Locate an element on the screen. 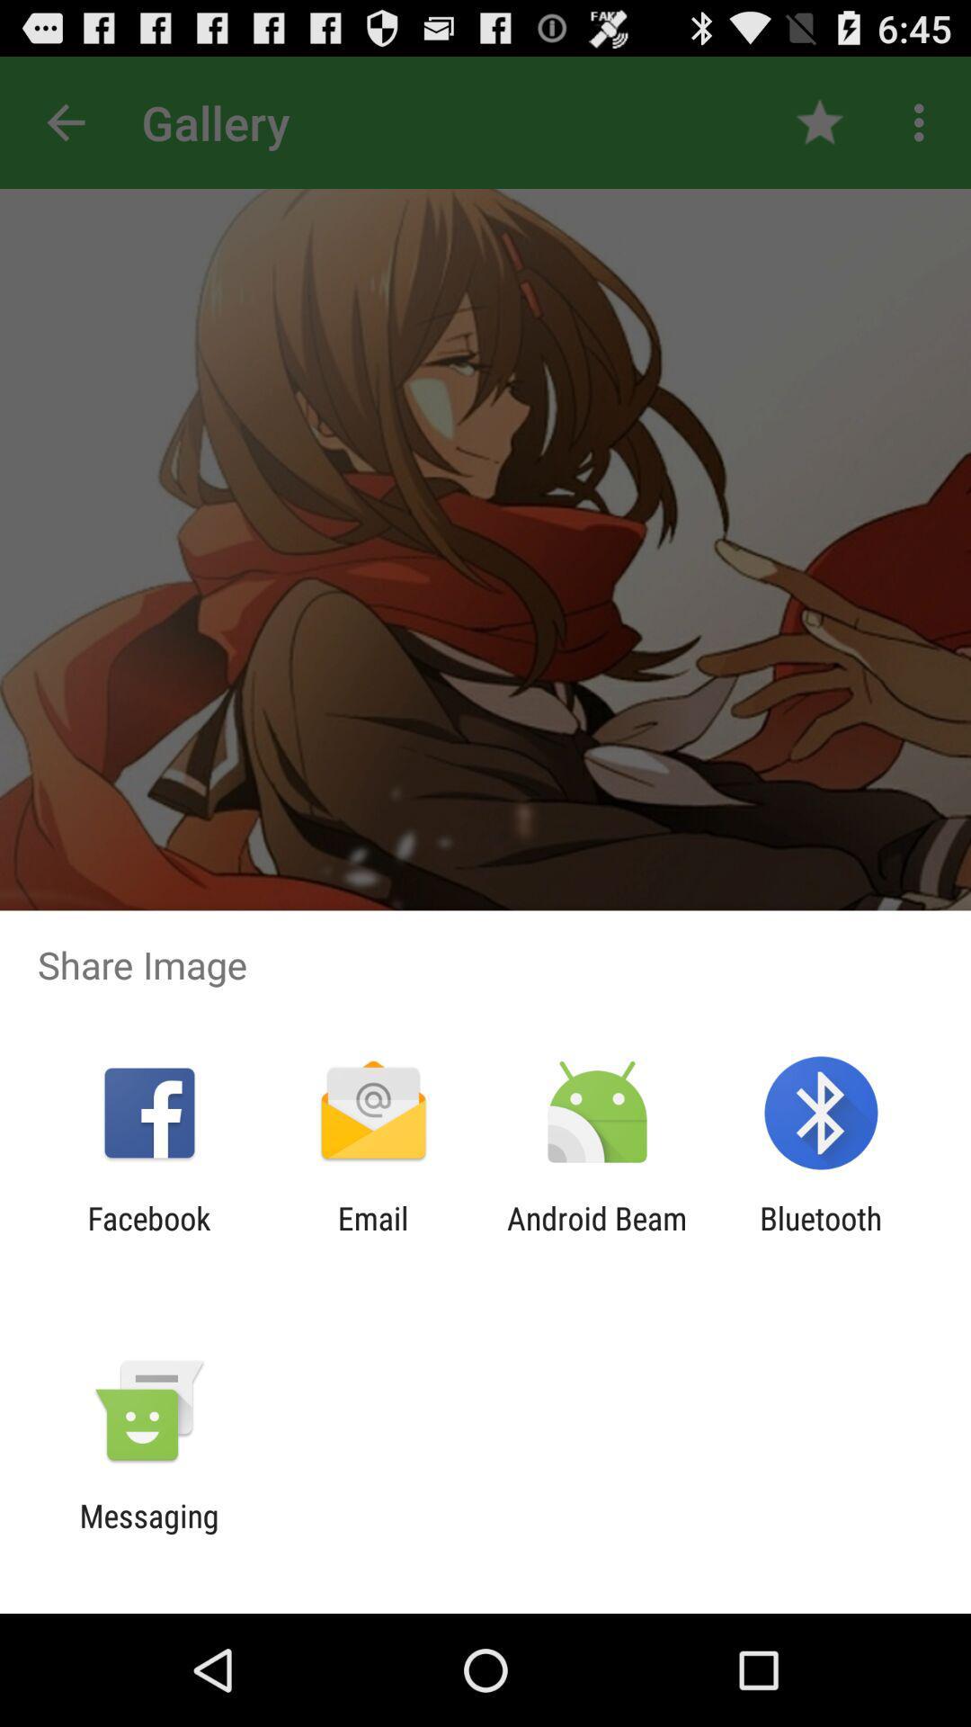  messaging icon is located at coordinates (148, 1534).